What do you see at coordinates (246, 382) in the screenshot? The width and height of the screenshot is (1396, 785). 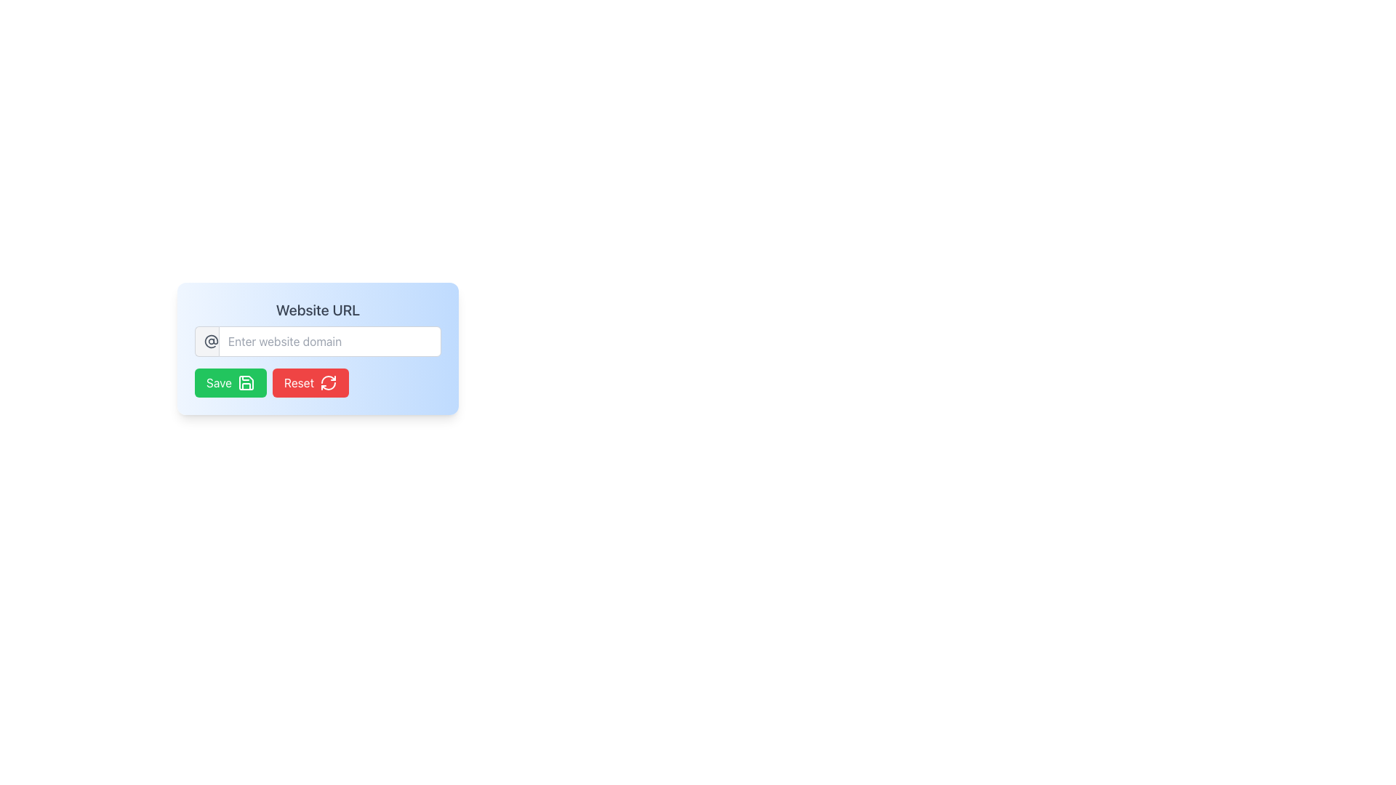 I see `the floppy disk icon within the green 'Save' button to initiate the save action` at bounding box center [246, 382].